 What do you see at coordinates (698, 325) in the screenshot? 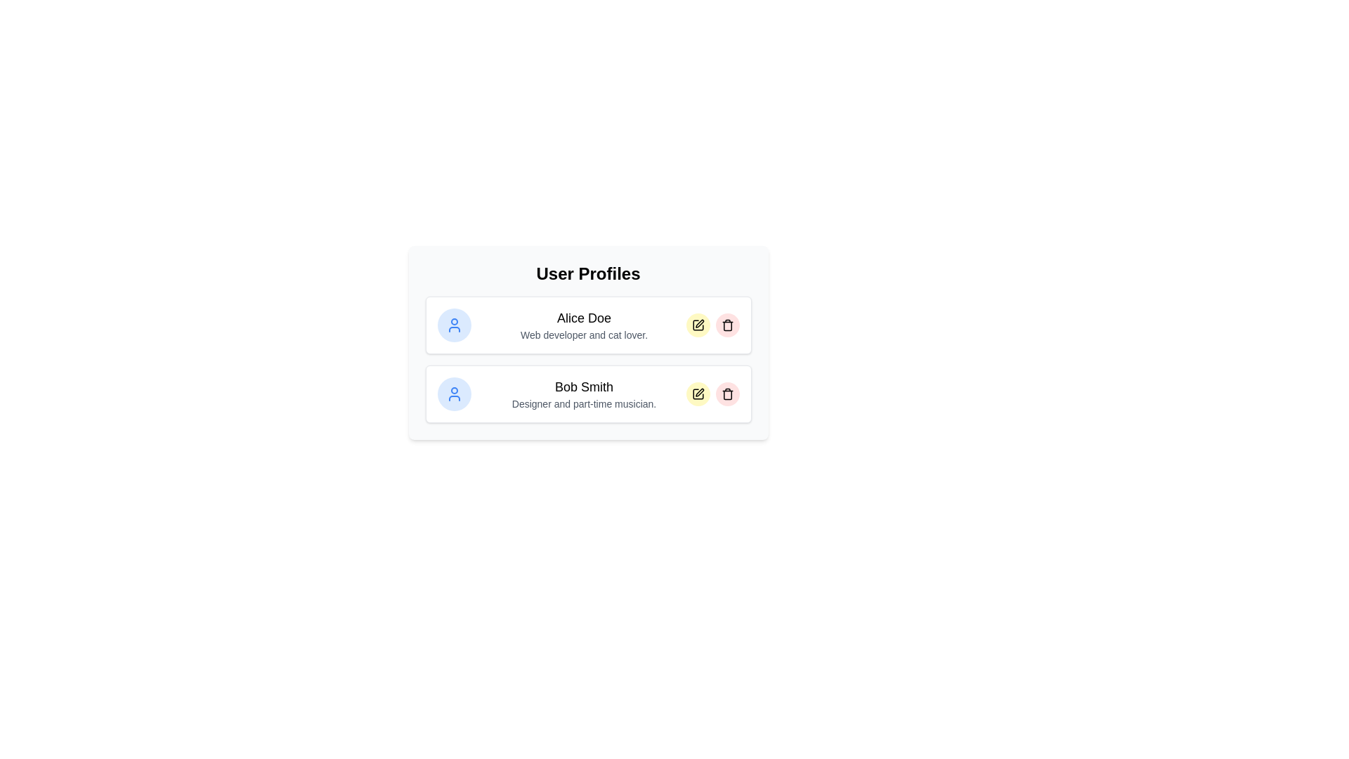
I see `edit button for the profile Alice Doe` at bounding box center [698, 325].